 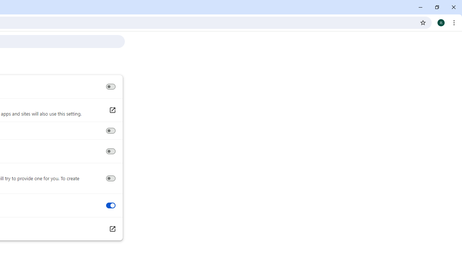 What do you see at coordinates (110, 205) in the screenshot?
I see `'Swipe between pages'` at bounding box center [110, 205].